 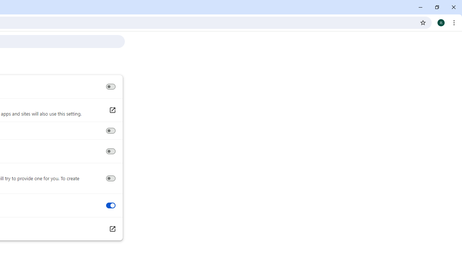 What do you see at coordinates (110, 205) in the screenshot?
I see `'Swipe between pages'` at bounding box center [110, 205].